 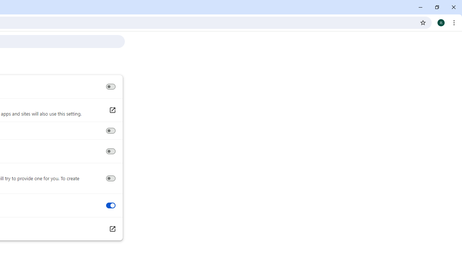 What do you see at coordinates (110, 205) in the screenshot?
I see `'Swipe between pages'` at bounding box center [110, 205].